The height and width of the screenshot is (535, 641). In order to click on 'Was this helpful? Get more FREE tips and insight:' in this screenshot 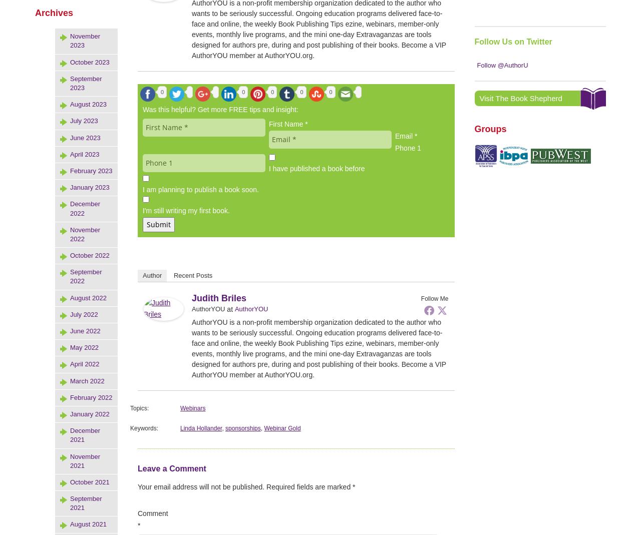, I will do `click(220, 109)`.